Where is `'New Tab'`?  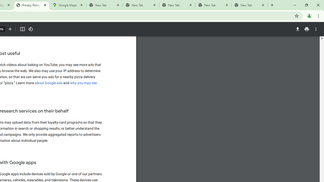
'New Tab' is located at coordinates (250, 5).